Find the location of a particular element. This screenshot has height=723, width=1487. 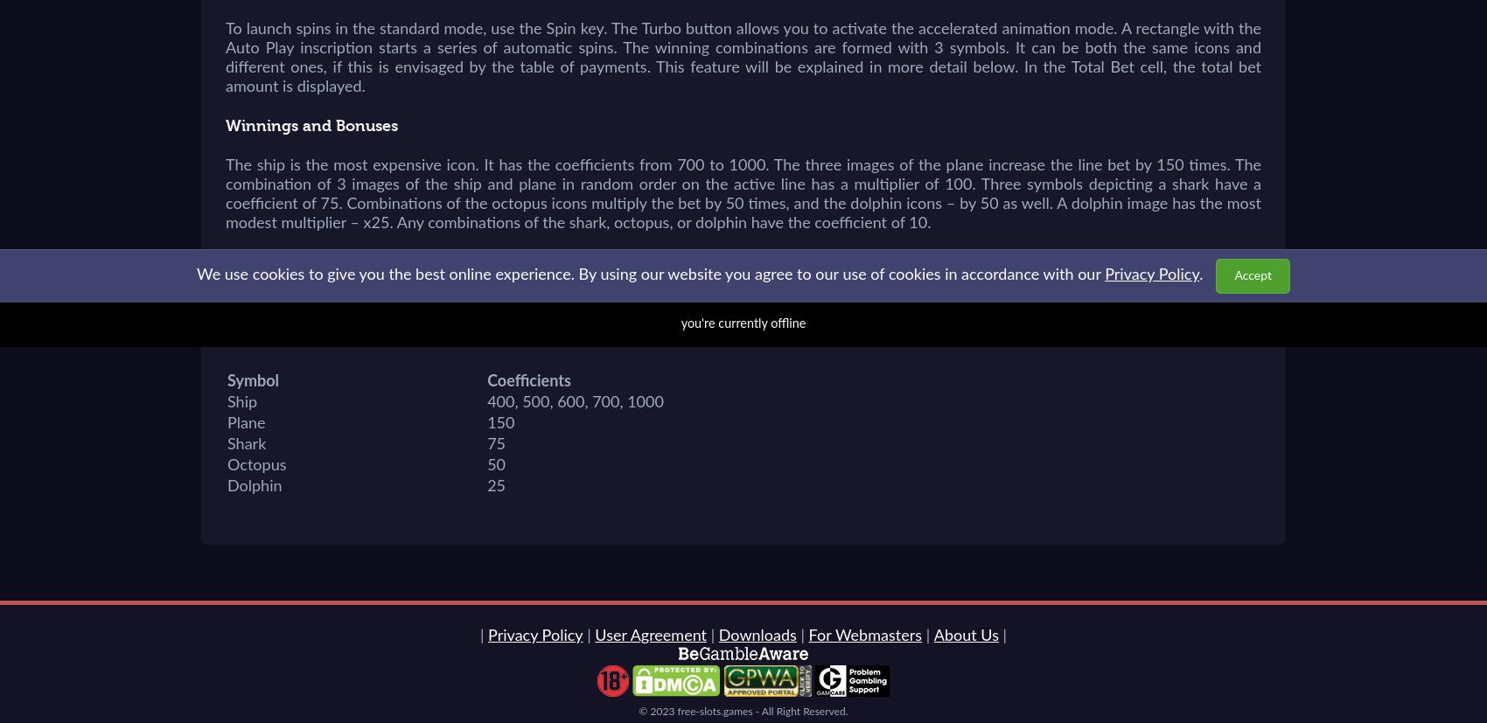

'50' is located at coordinates (495, 466).